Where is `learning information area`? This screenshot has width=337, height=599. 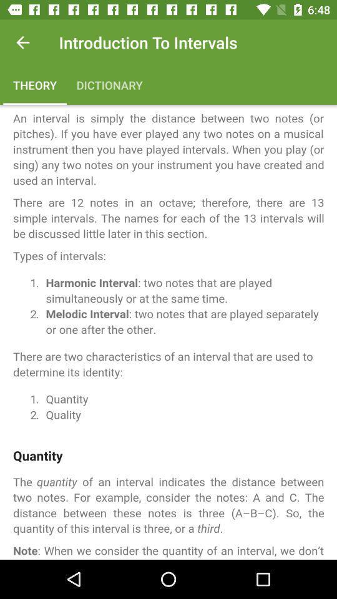
learning information area is located at coordinates (168, 331).